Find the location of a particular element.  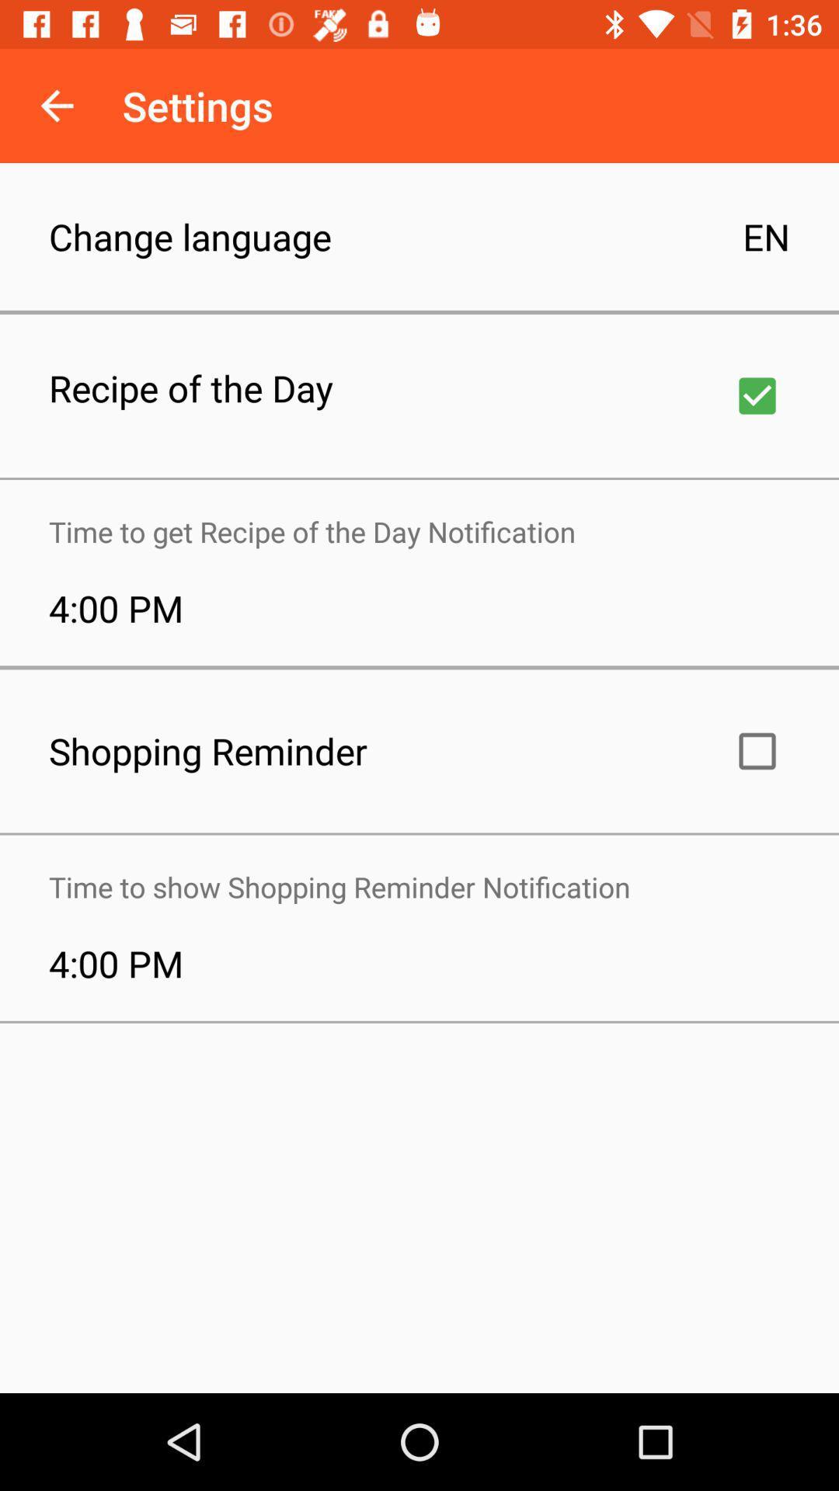

unselect checkmark is located at coordinates (757, 395).